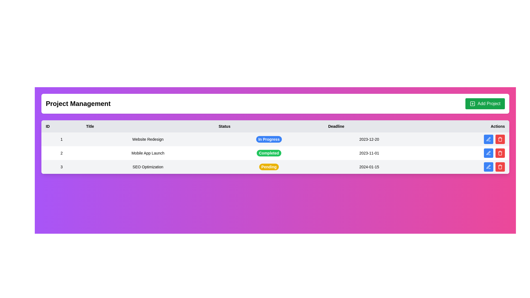 This screenshot has width=530, height=298. Describe the element at coordinates (275, 139) in the screenshot. I see `the status badge in the first row of the project information table, which is marked as 'In Progress' with a blue background and white text` at that location.